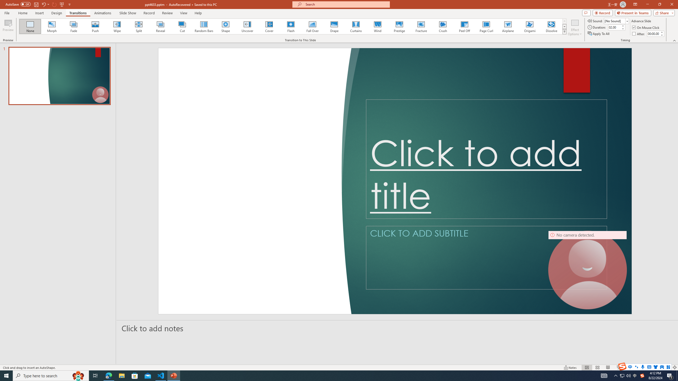 The width and height of the screenshot is (678, 381). What do you see at coordinates (334, 26) in the screenshot?
I see `'Drape'` at bounding box center [334, 26].